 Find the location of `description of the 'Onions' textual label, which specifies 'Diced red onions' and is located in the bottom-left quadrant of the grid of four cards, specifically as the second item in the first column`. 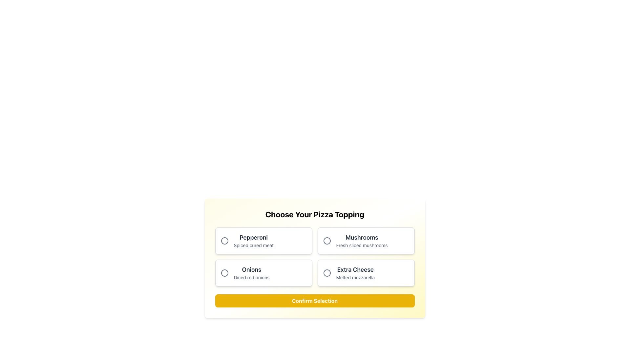

description of the 'Onions' textual label, which specifies 'Diced red onions' and is located in the bottom-left quadrant of the grid of four cards, specifically as the second item in the first column is located at coordinates (251, 273).